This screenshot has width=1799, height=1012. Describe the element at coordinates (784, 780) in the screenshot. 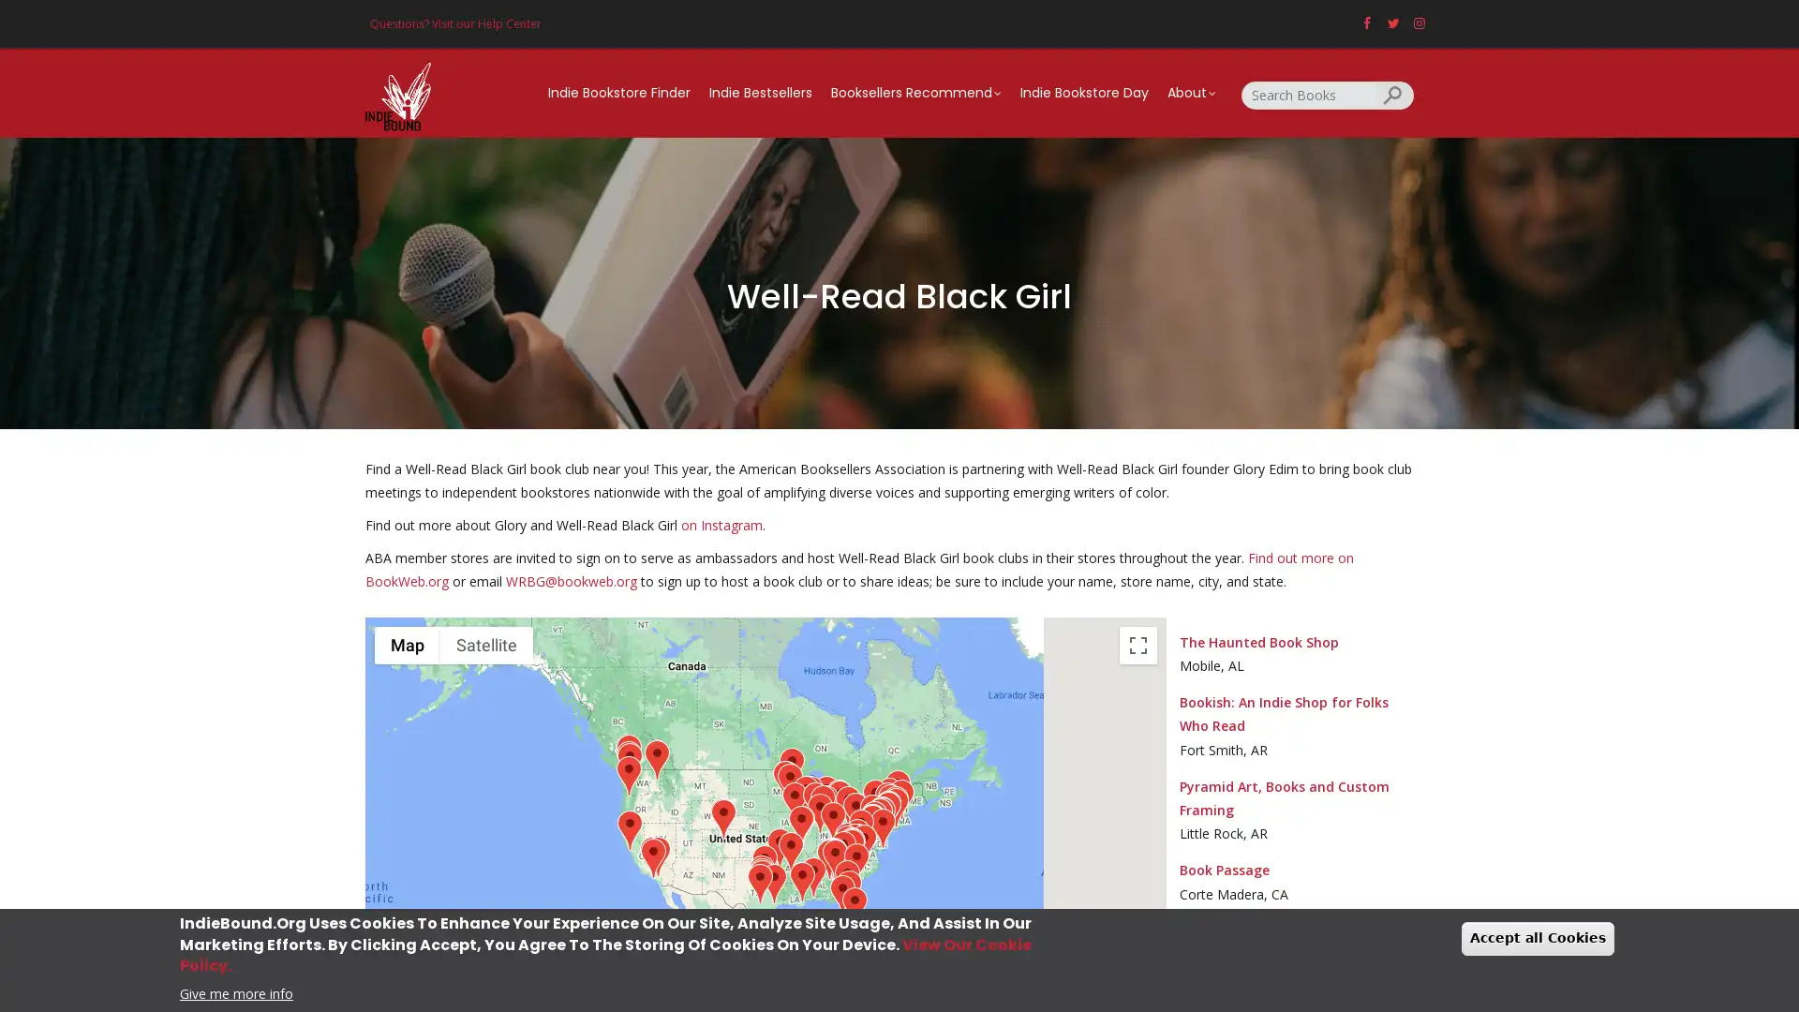

I see `Strive Bookstore` at that location.